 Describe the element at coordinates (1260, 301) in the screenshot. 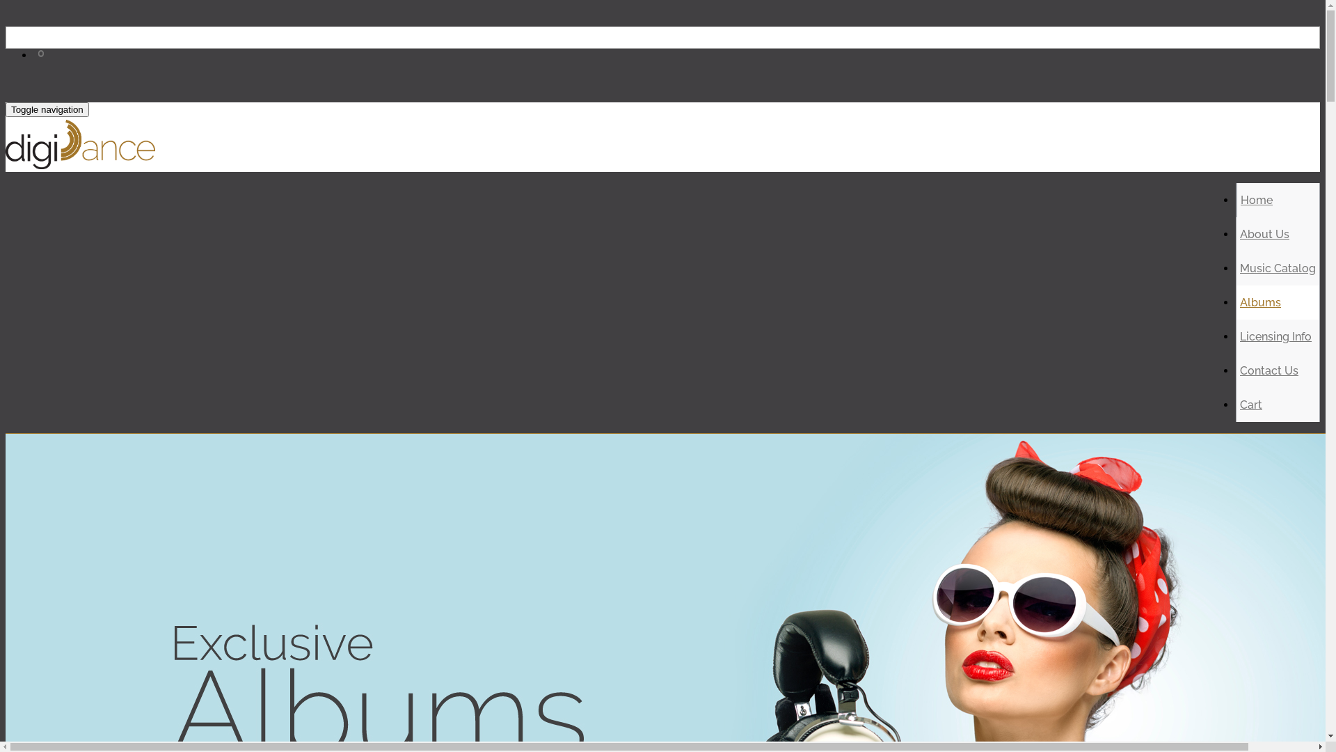

I see `'Albums'` at that location.